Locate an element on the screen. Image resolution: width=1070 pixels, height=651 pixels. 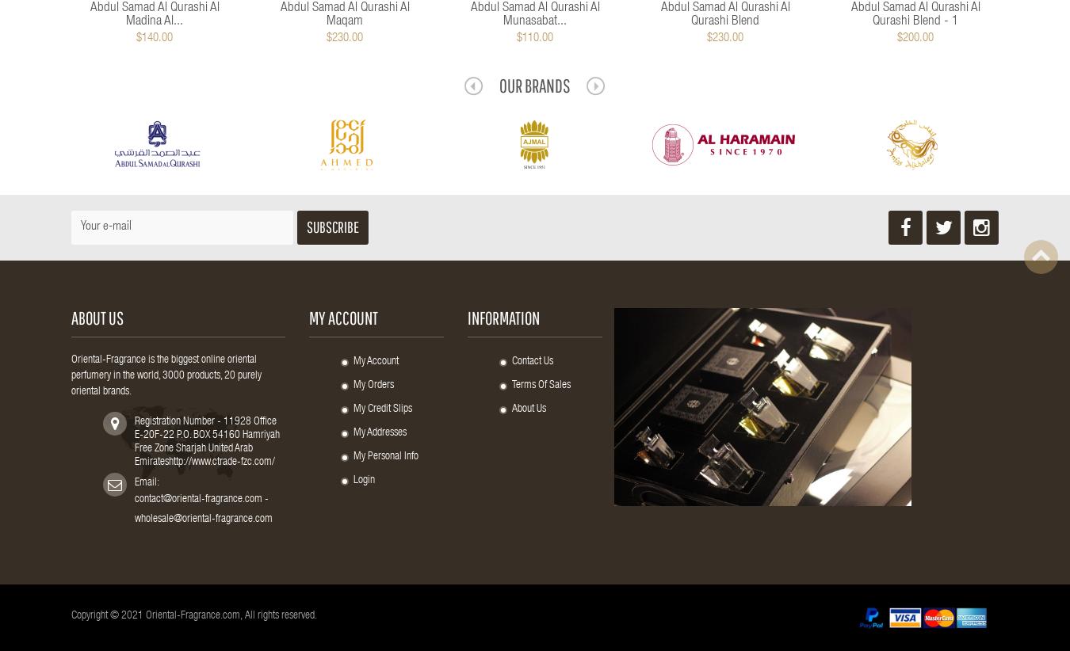
'Terms of Sales' is located at coordinates (540, 386).